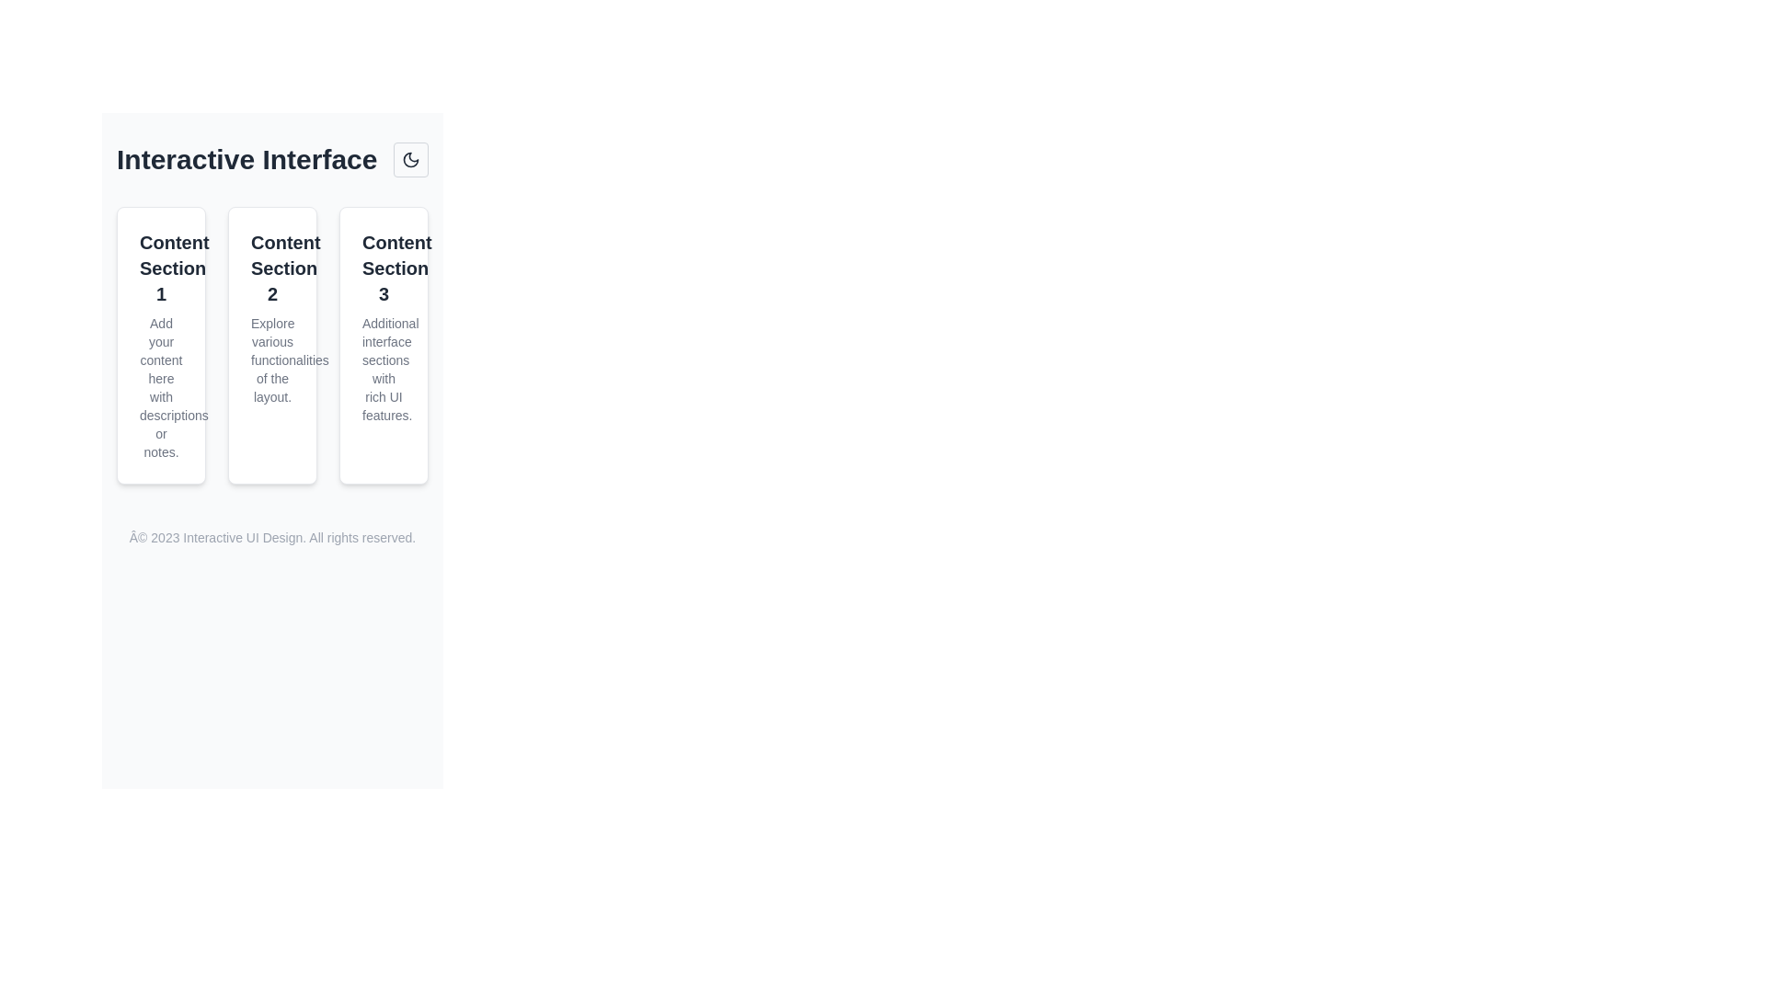  Describe the element at coordinates (271, 360) in the screenshot. I see `the text block displaying 'Explore various functionalities of the layout.' which is styled with a small font and located below the heading 'Content Section 2'` at that location.